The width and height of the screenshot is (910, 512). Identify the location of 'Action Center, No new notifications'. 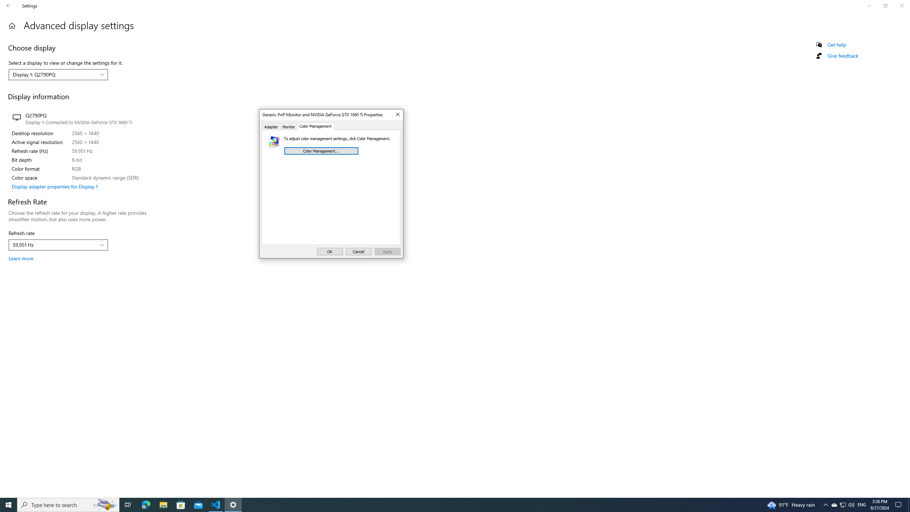
(899, 504).